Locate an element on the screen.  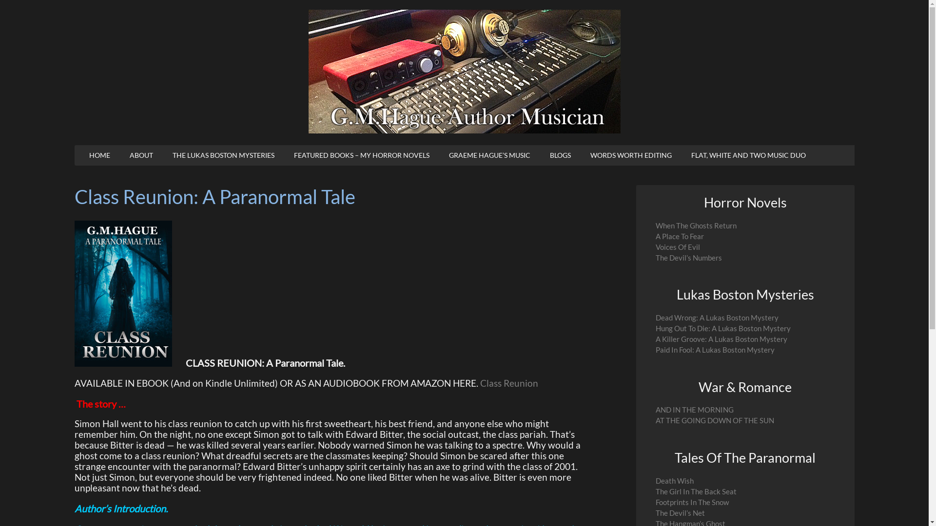
'A Killer Groove: A Lukas Boston Mystery' is located at coordinates (721, 338).